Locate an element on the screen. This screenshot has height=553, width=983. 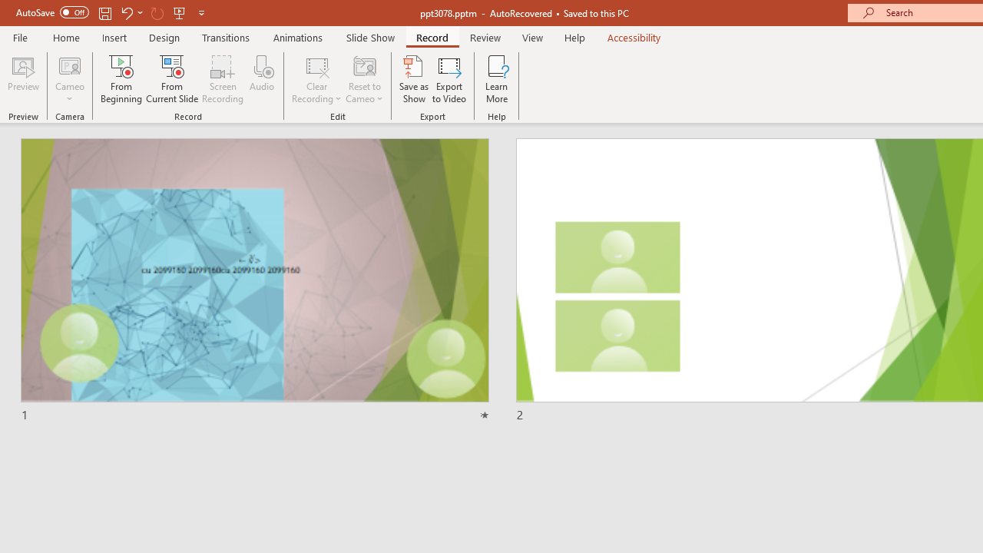
'Export to Video' is located at coordinates (448, 79).